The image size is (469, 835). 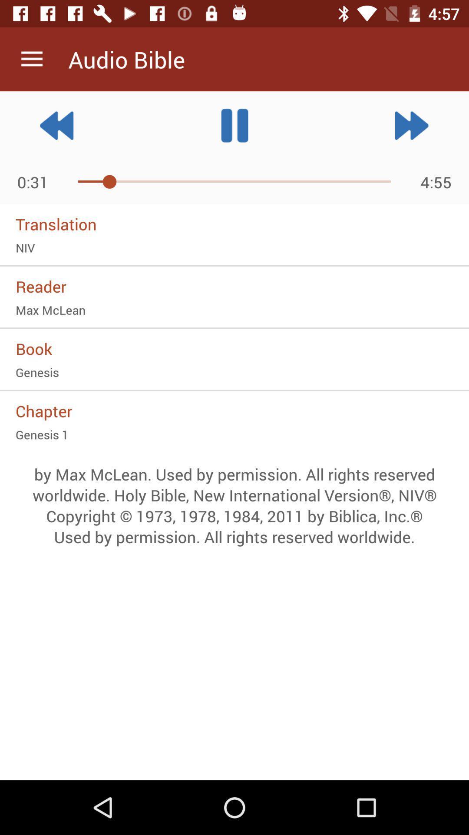 What do you see at coordinates (234, 348) in the screenshot?
I see `the book icon` at bounding box center [234, 348].